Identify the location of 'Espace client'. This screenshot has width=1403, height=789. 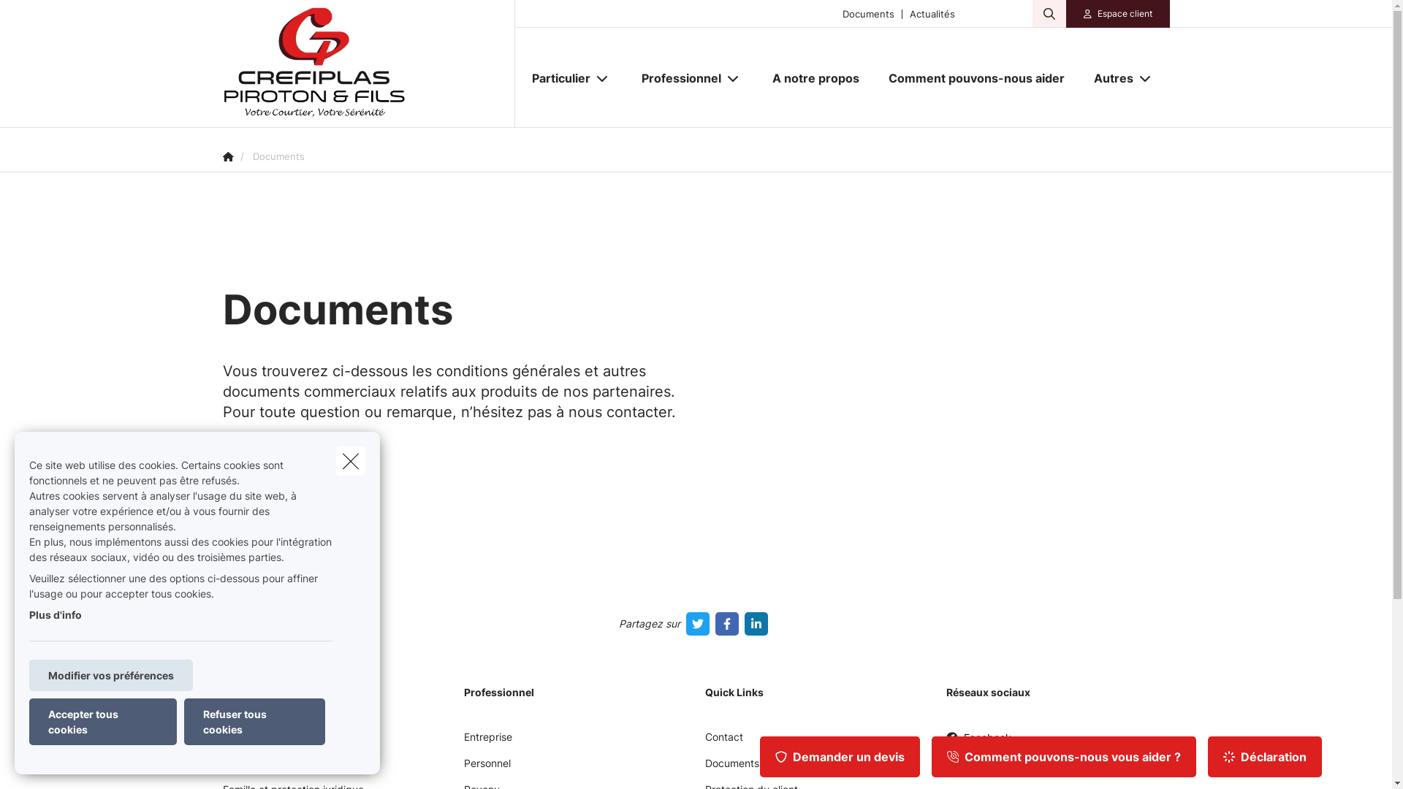
(1124, 14).